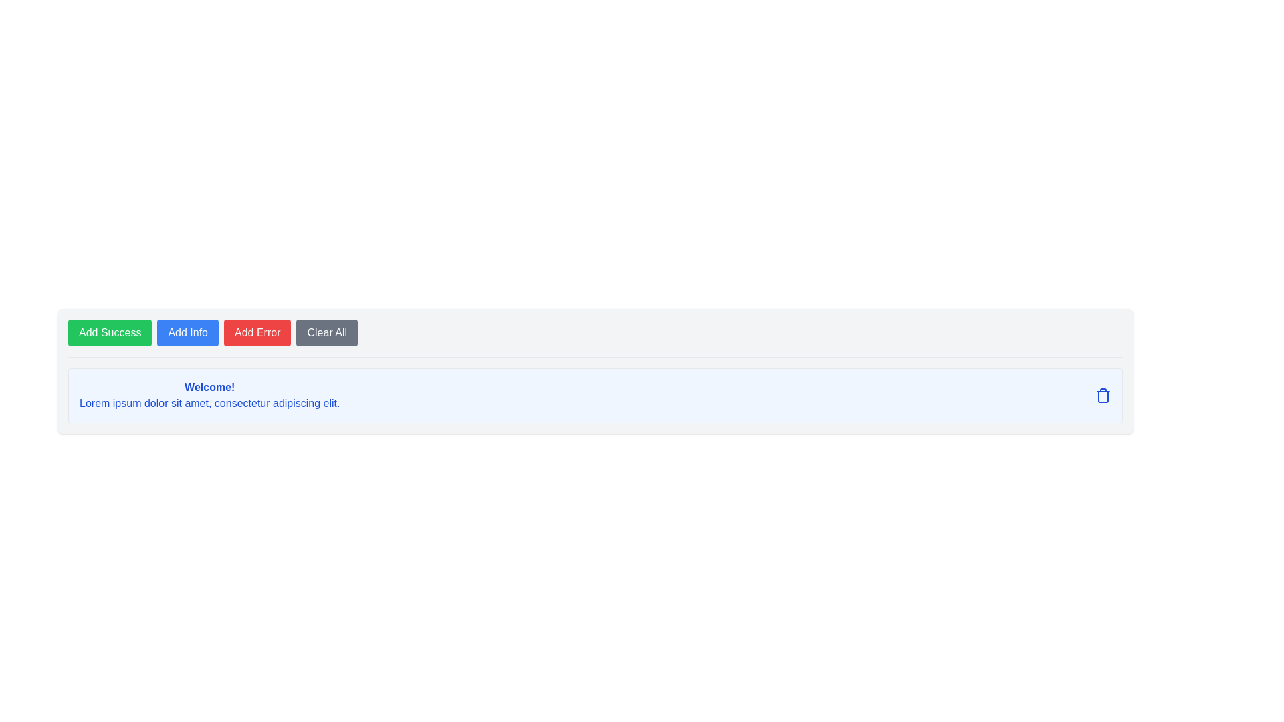  Describe the element at coordinates (110, 332) in the screenshot. I see `the leftmost button in a group of four buttons, which triggers an action related to adding or confirming a 'success' state` at that location.